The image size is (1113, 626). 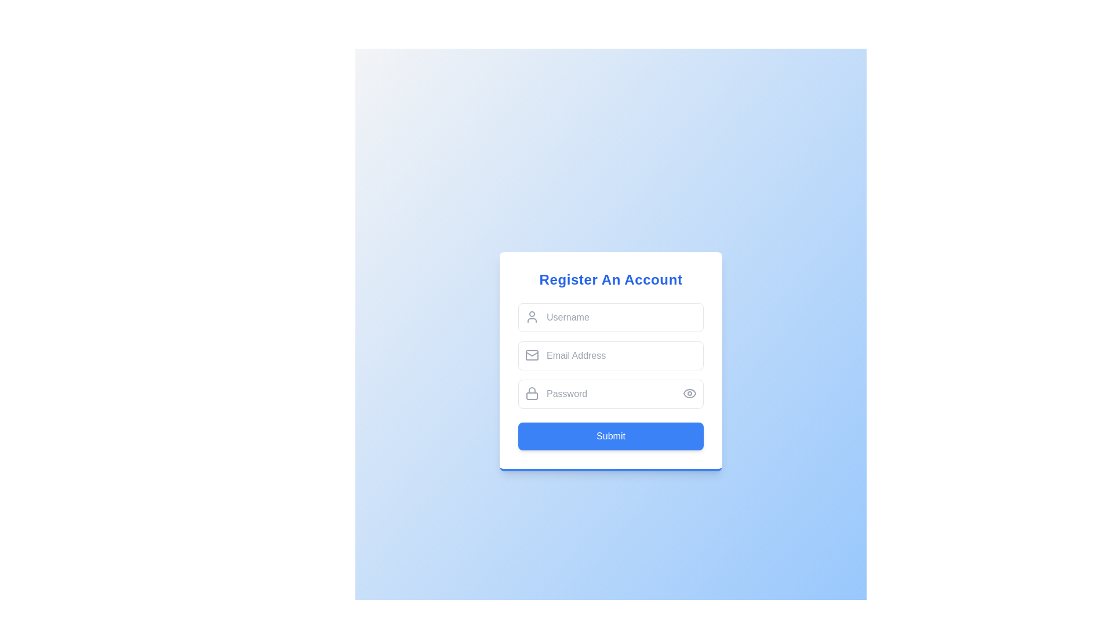 What do you see at coordinates (610, 279) in the screenshot?
I see `text from the header displaying 'Register An Account', which is styled in bold, blue font and is centered at the top of the registration form` at bounding box center [610, 279].